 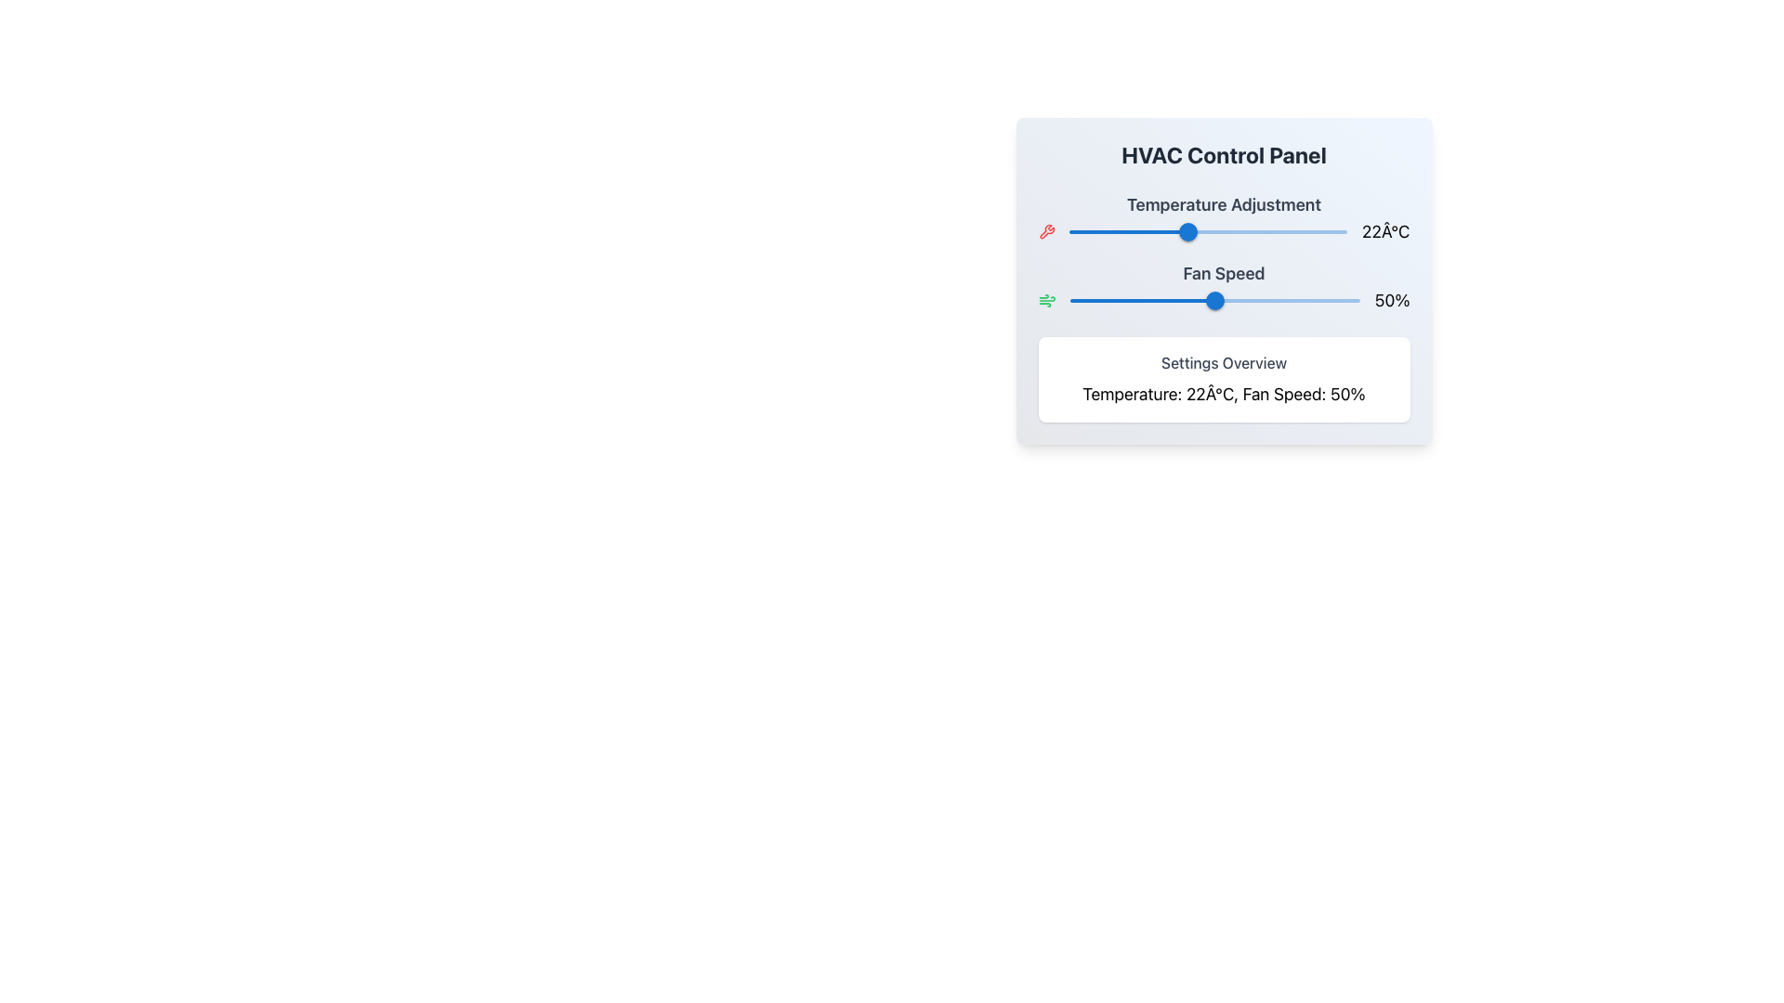 I want to click on the temperature, so click(x=1101, y=231).